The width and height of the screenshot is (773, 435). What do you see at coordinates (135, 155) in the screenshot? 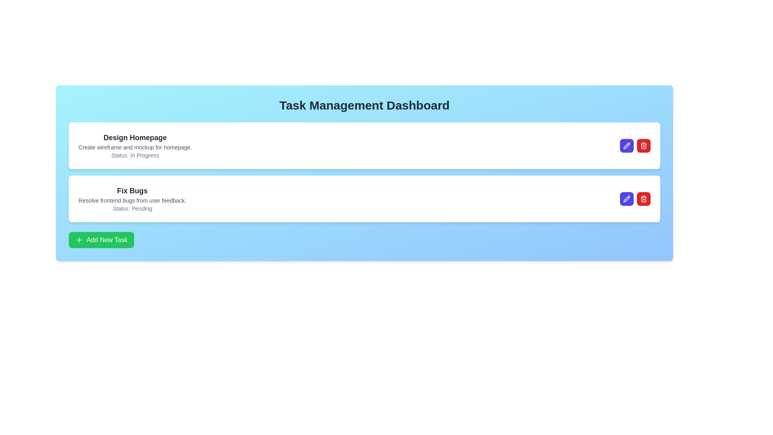
I see `status information from the text label styled in italic font, displaying 'Status: In Progress', located below the task description in the upper segment of the layout` at bounding box center [135, 155].